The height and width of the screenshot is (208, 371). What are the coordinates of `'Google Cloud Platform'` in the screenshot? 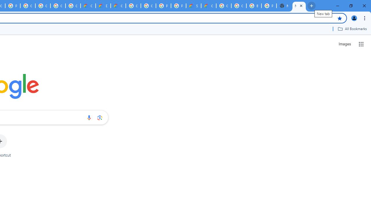 It's located at (148, 6).